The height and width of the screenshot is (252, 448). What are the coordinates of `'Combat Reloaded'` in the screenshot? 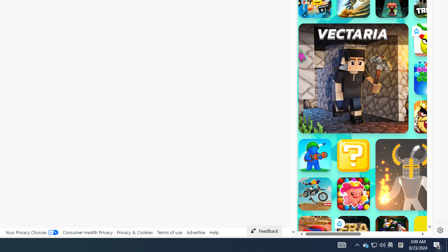 It's located at (382, 105).